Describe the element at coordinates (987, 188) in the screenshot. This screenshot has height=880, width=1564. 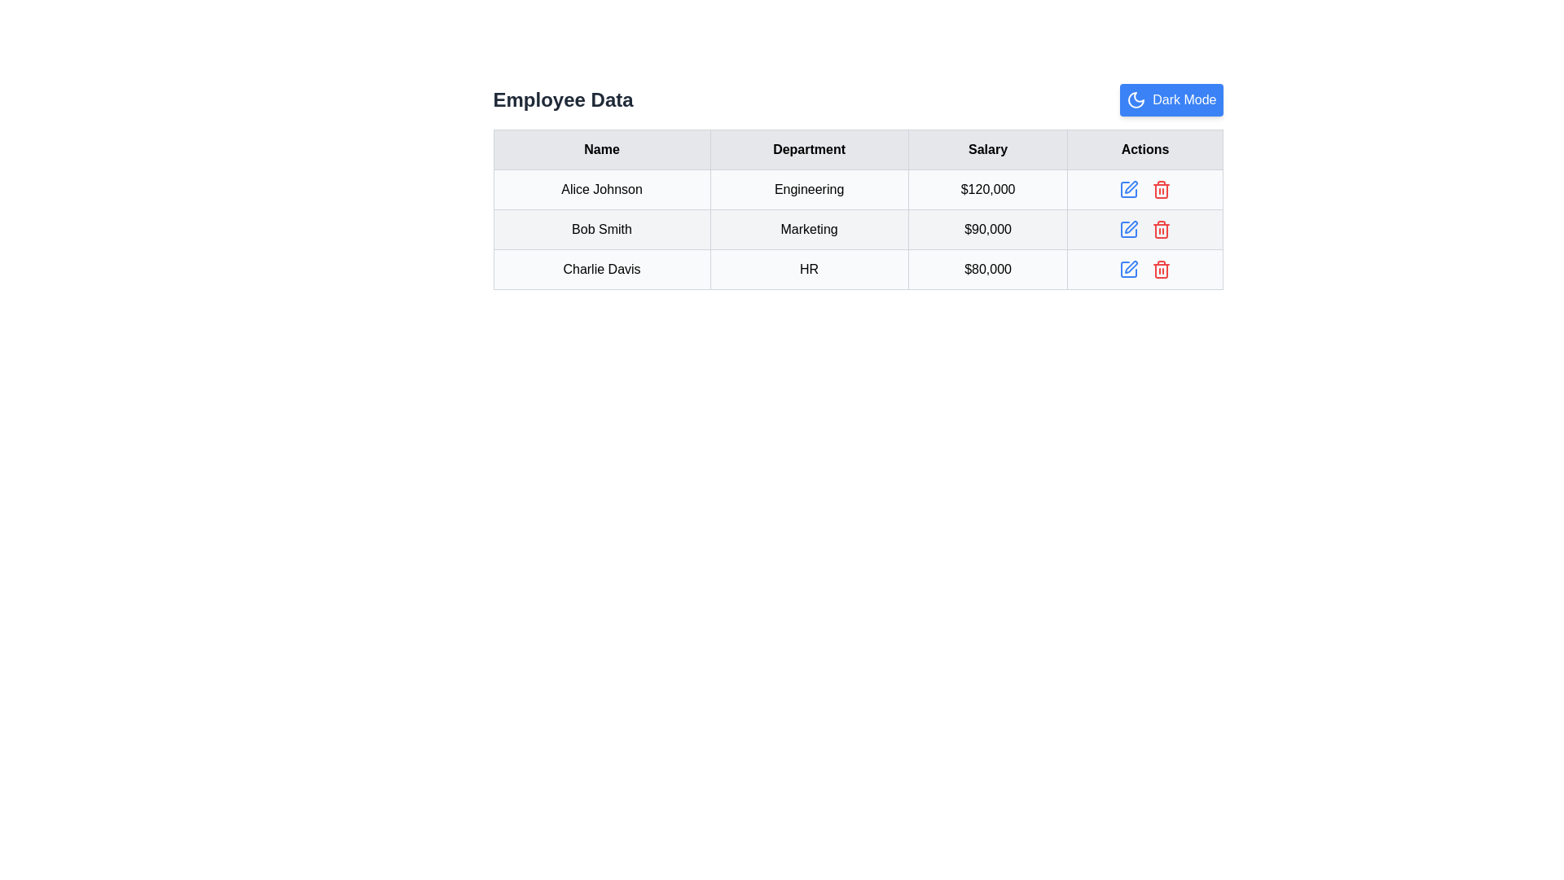
I see `the salary display of Alice Johnson, which shows the amount '$120,000' in the Salary column of the table` at that location.